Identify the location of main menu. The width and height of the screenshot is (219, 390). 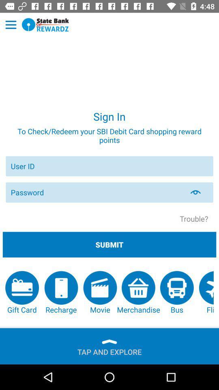
(11, 25).